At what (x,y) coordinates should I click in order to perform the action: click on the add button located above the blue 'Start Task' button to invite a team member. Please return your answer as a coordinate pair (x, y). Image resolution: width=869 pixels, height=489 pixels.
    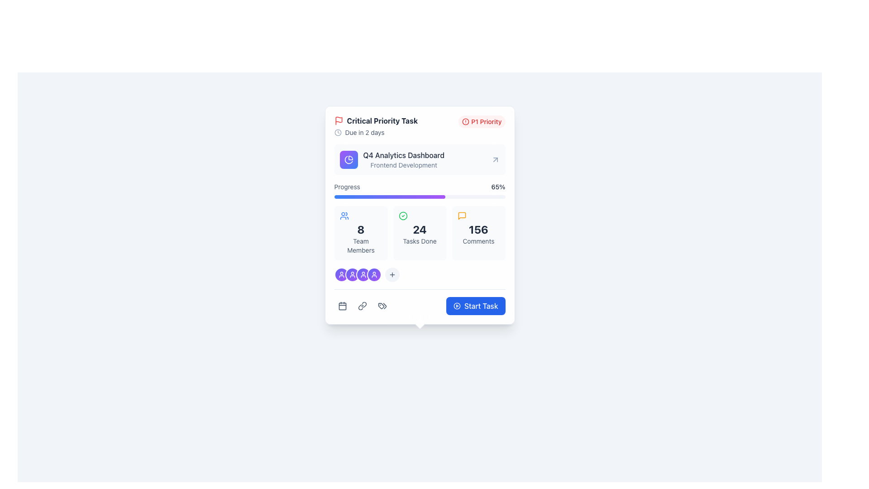
    Looking at the image, I should click on (419, 274).